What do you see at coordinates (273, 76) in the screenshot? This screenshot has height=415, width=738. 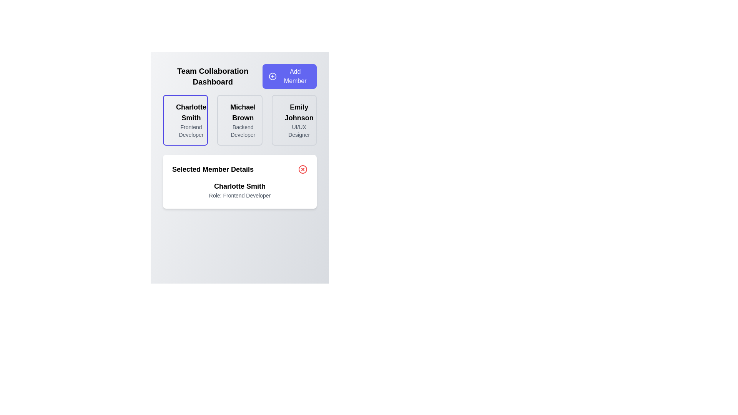 I see `the circular outline icon inside the 'Add Member' button, which is styled with a visible stroke and positioned to the left of the text` at bounding box center [273, 76].